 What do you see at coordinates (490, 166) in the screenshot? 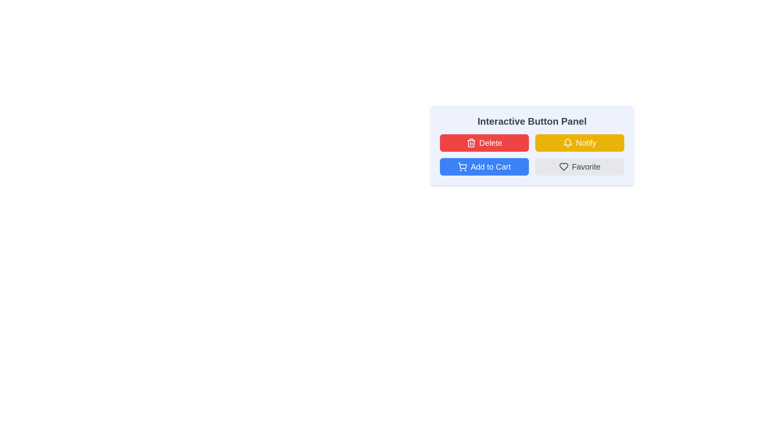
I see `the text label embedded in the blue 'Add to Cart' button, which is positioned in the second row of a horizontal button group` at bounding box center [490, 166].